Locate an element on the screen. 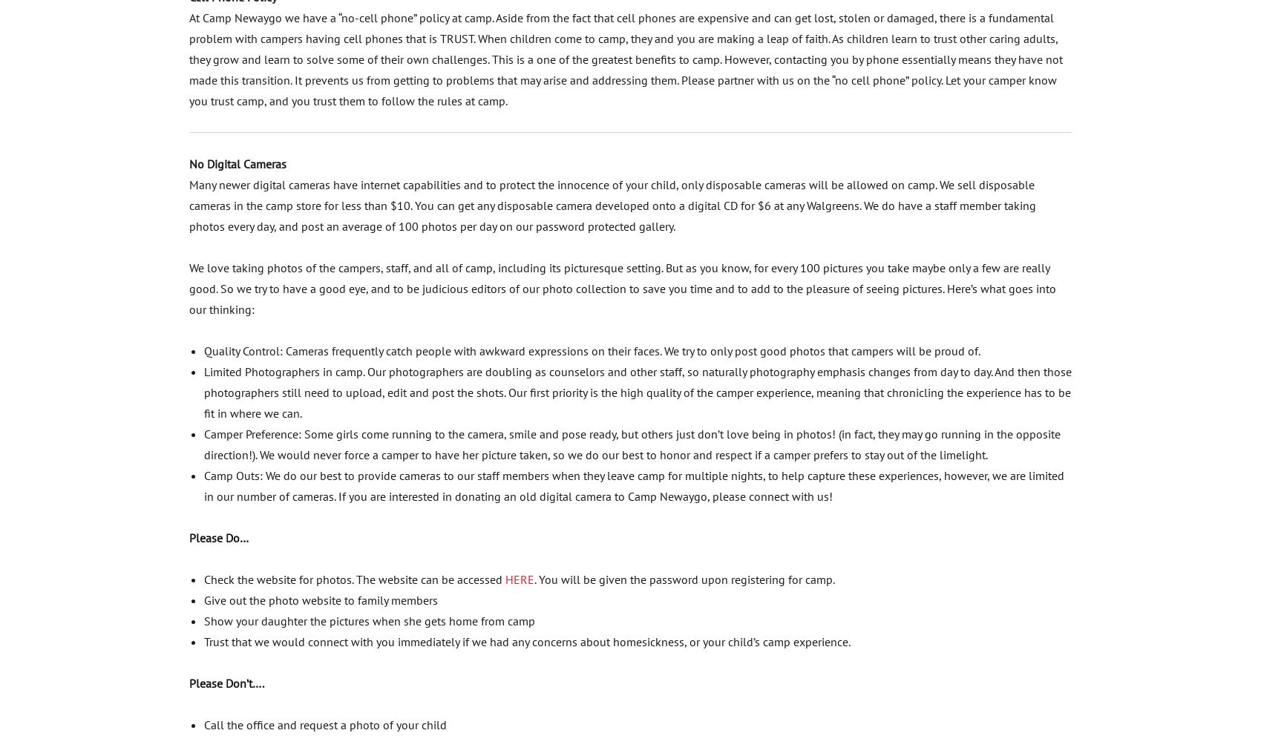 This screenshot has width=1261, height=736. 'Camp Outs: We do our best to provide cameras to our staff members when they leave camp for multiple nights, to help capture these experiences, however, we are limited in our number of cameras. If you are interested in donating an old digital camera to Camp Newaygo, please connect with us!' is located at coordinates (632, 485).